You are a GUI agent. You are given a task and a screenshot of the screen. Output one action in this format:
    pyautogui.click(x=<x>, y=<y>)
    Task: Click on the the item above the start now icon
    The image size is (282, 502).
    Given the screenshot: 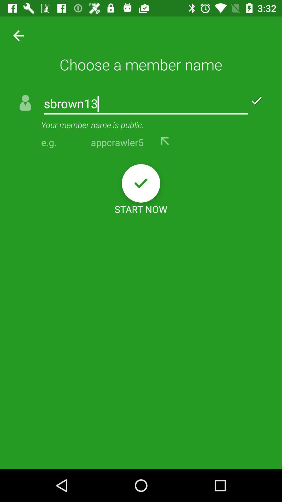 What is the action you would take?
    pyautogui.click(x=141, y=183)
    